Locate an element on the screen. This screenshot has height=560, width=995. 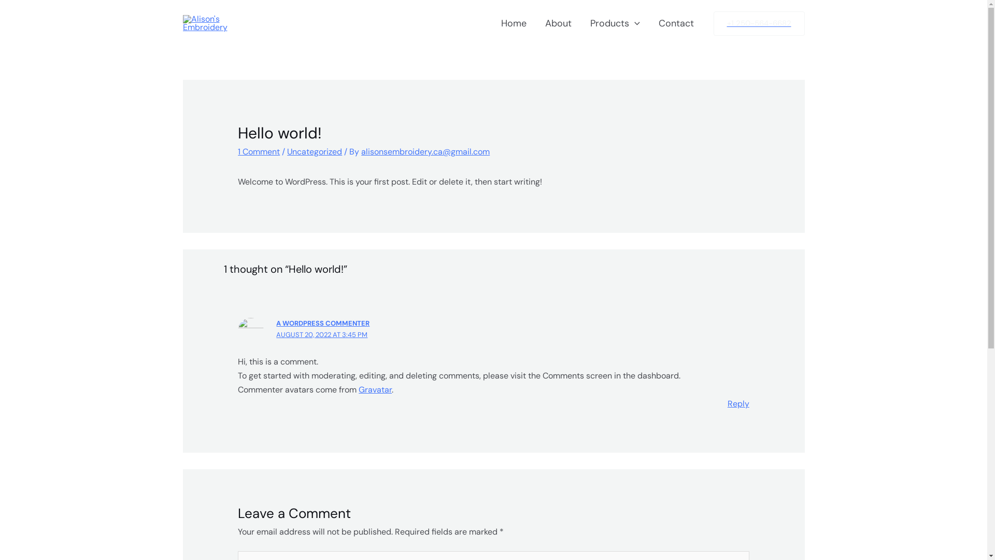
'Products' is located at coordinates (615, 23).